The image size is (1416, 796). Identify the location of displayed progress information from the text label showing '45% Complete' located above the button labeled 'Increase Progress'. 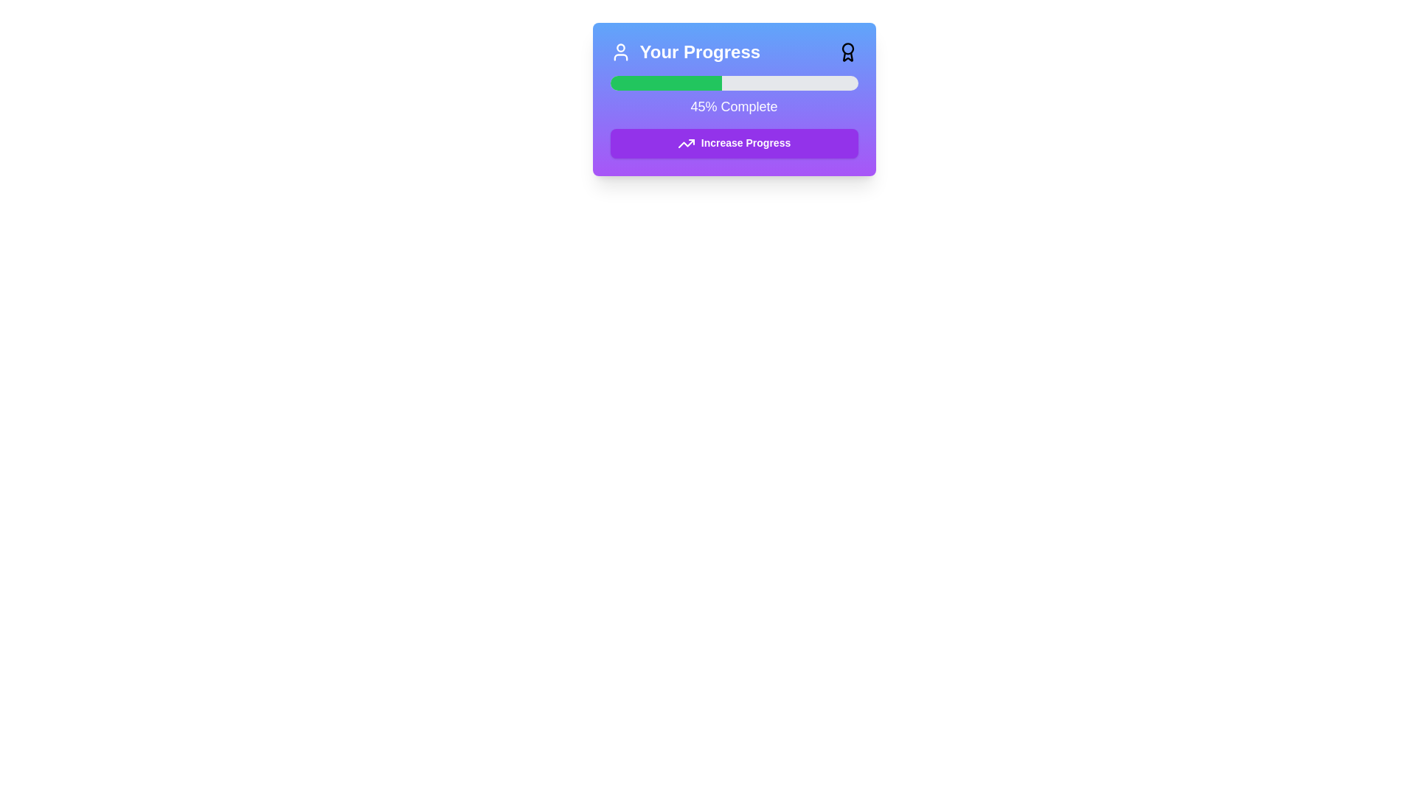
(734, 106).